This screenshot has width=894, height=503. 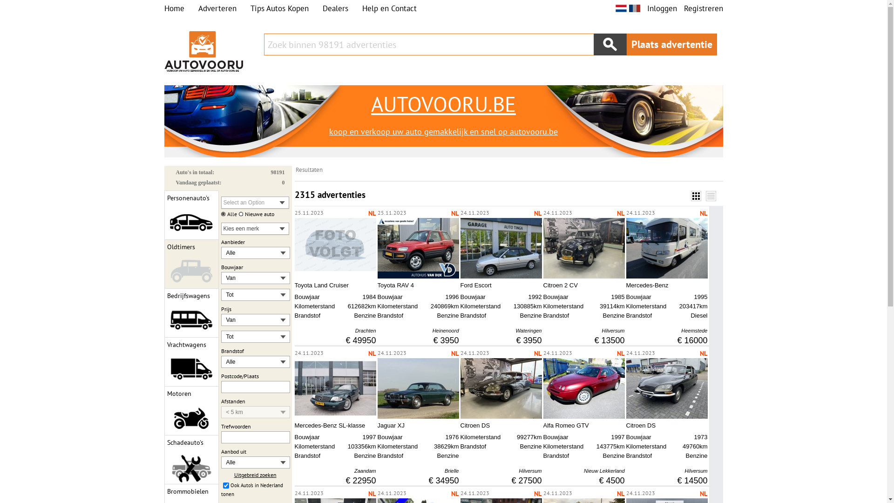 What do you see at coordinates (703, 8) in the screenshot?
I see `'Registreren'` at bounding box center [703, 8].